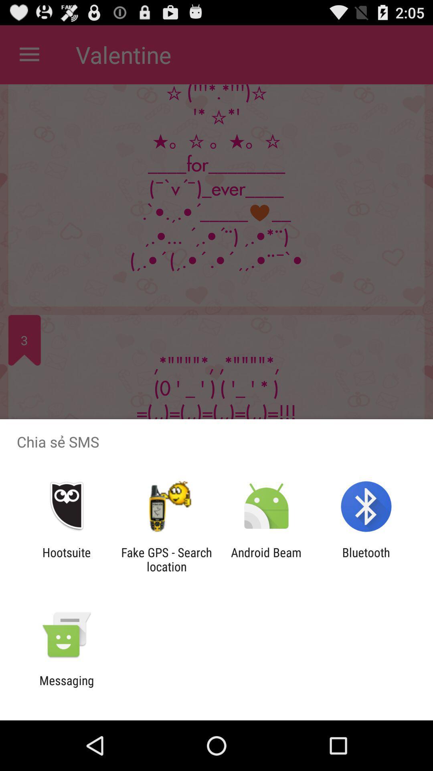 The image size is (433, 771). Describe the element at coordinates (366, 559) in the screenshot. I see `bluetooth` at that location.